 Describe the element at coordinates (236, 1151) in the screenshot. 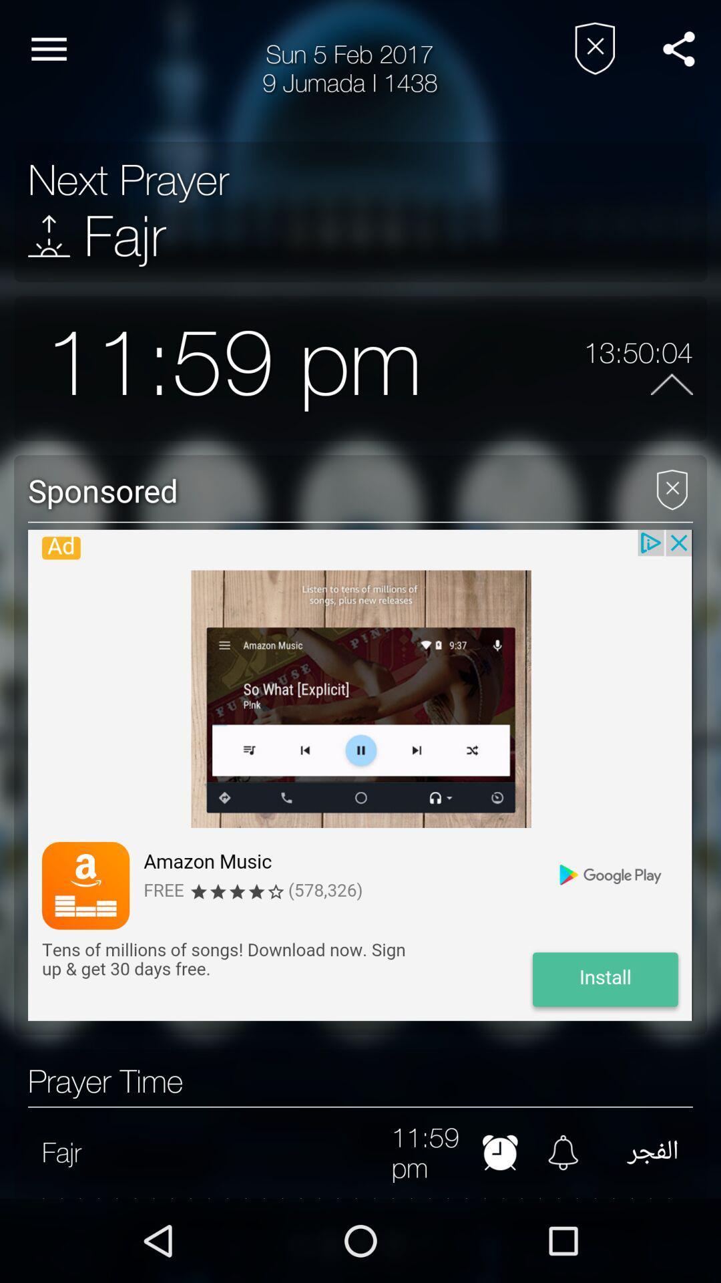

I see `item to the right of fajr item` at that location.